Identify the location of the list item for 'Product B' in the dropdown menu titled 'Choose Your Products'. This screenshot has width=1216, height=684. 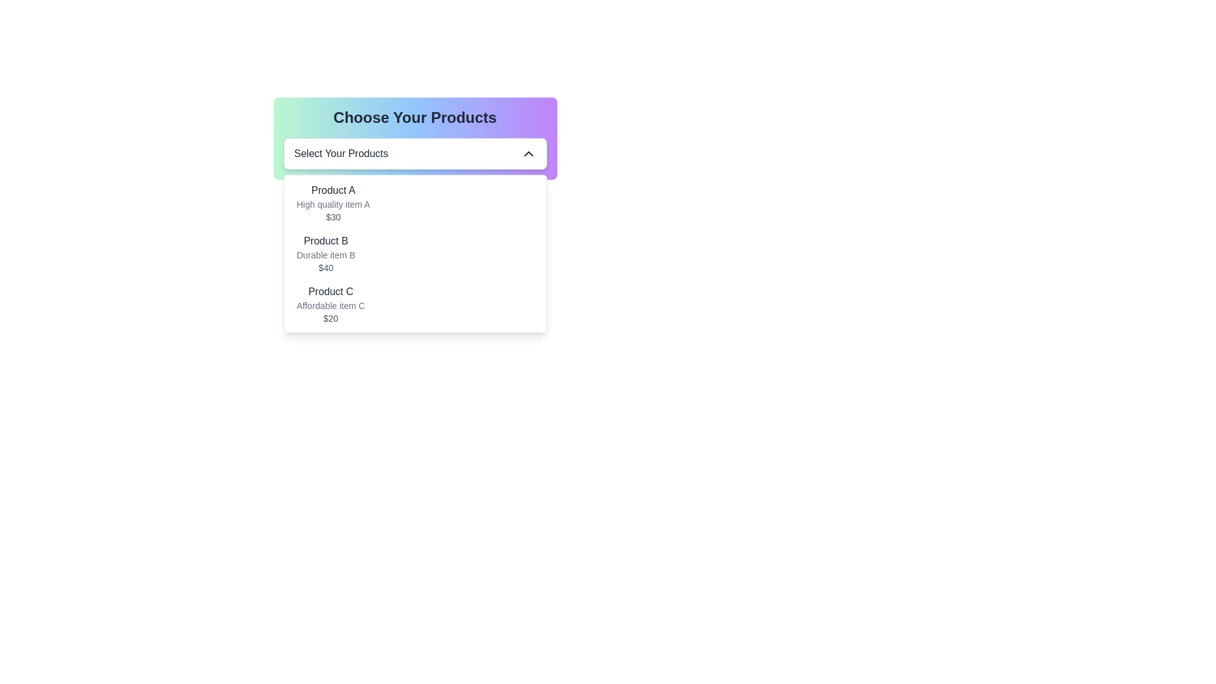
(415, 254).